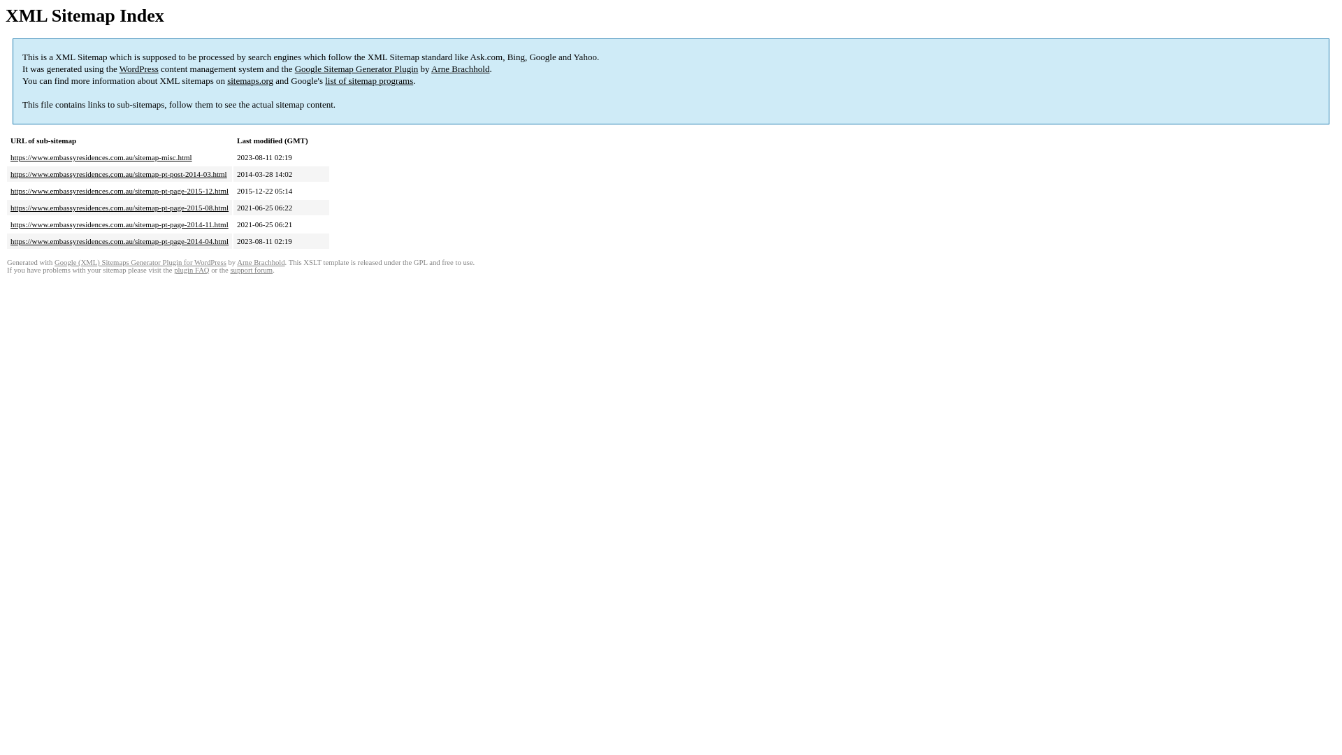 The image size is (1342, 755). What do you see at coordinates (324, 80) in the screenshot?
I see `'list of sitemap programs'` at bounding box center [324, 80].